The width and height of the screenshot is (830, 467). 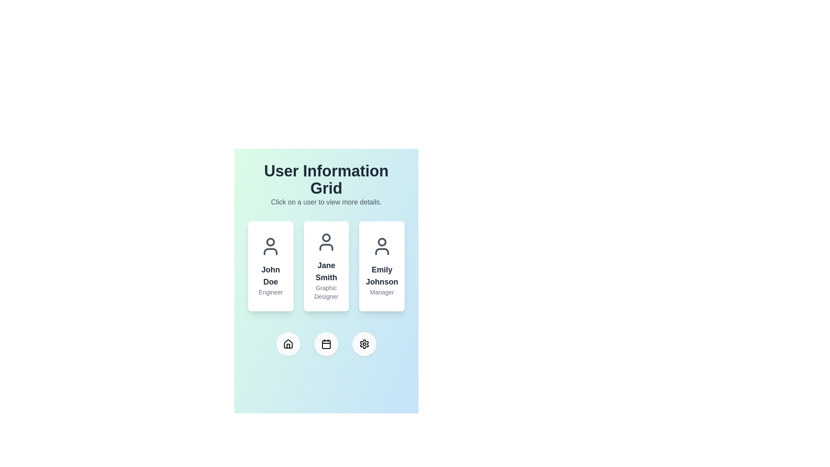 What do you see at coordinates (270, 242) in the screenshot?
I see `attributes of the circular SVG element located at the center of the first user card in the grid layout` at bounding box center [270, 242].